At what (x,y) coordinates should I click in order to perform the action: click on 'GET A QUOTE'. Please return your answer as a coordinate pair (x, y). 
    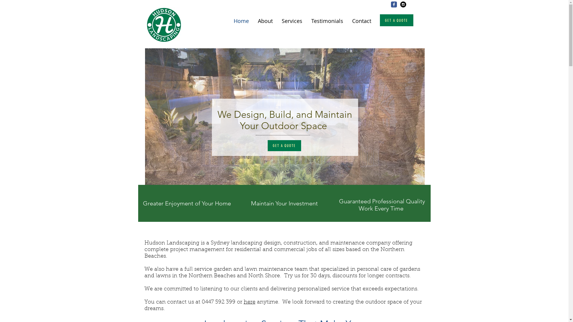
    Looking at the image, I should click on (267, 145).